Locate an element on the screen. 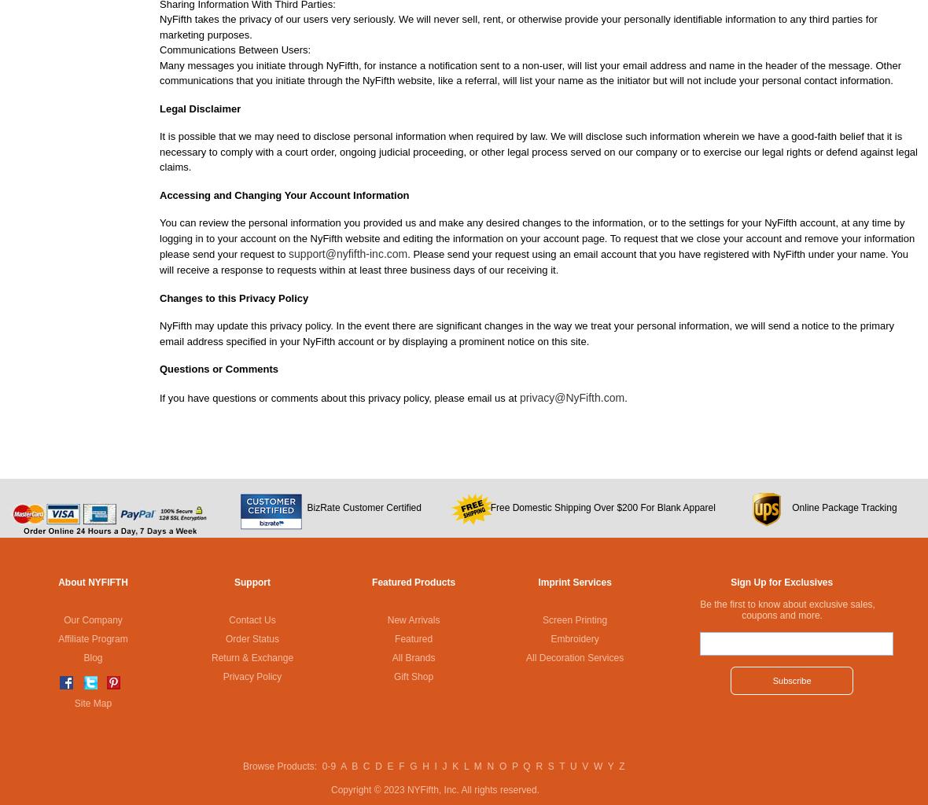 The image size is (928, 805). 'Sign Up for Exclusives' is located at coordinates (781, 581).